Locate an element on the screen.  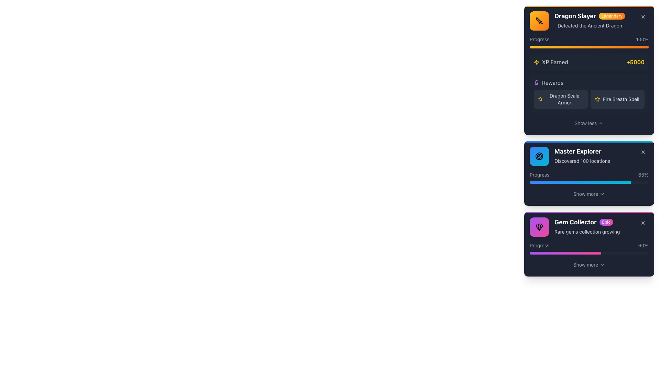
the progress percentage label located in the lower right corner of the 'Gem Collector' card, positioned to the right of the text 'Progress' is located at coordinates (643, 245).